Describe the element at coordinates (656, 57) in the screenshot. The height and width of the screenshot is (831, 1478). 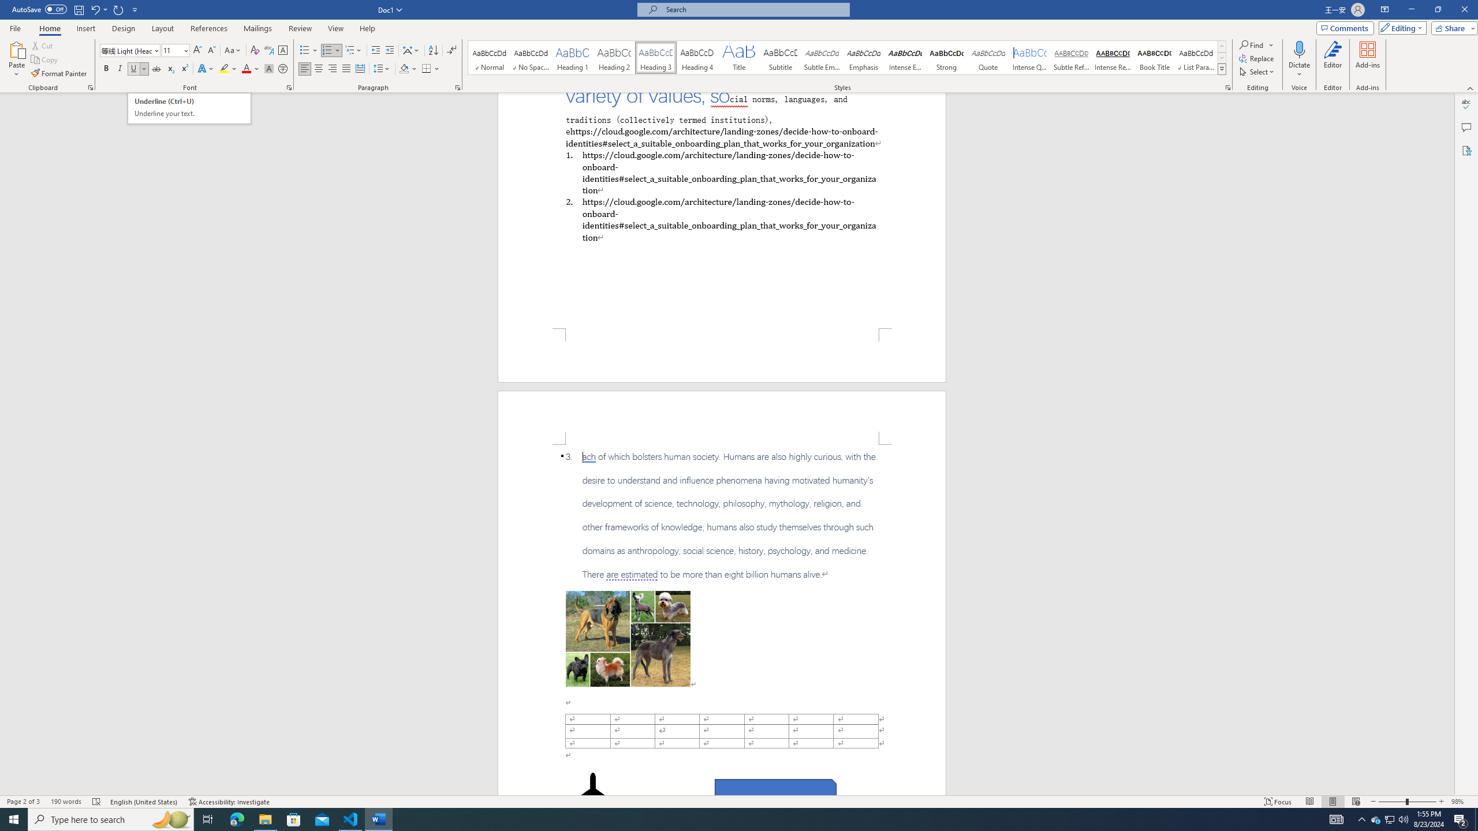
I see `'Heading 3'` at that location.